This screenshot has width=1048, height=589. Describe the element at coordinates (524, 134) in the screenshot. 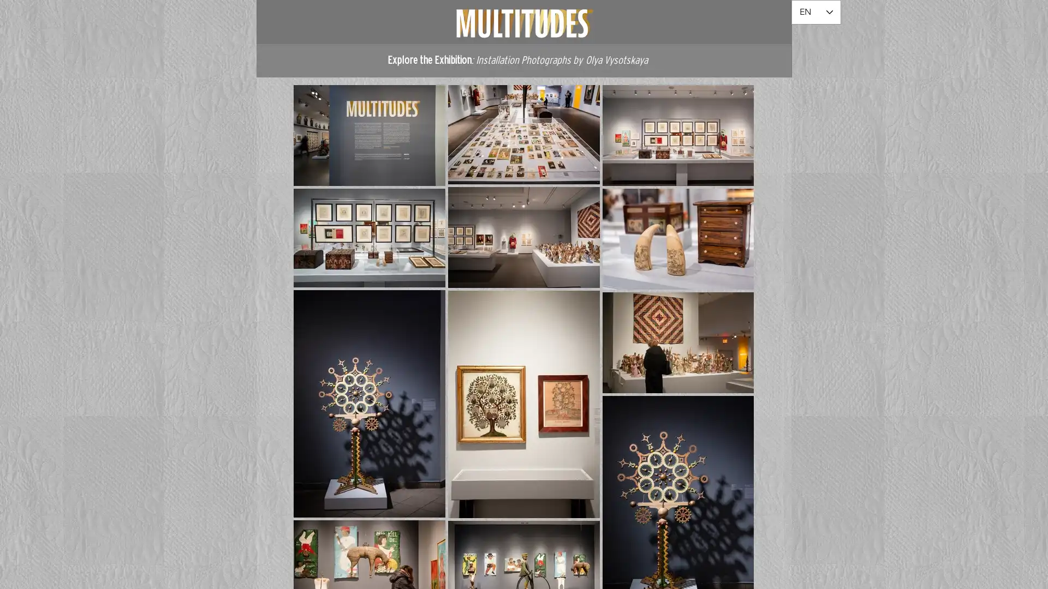

I see `EX - 2022 - Multitudes - AFAM - 079.jpg` at that location.